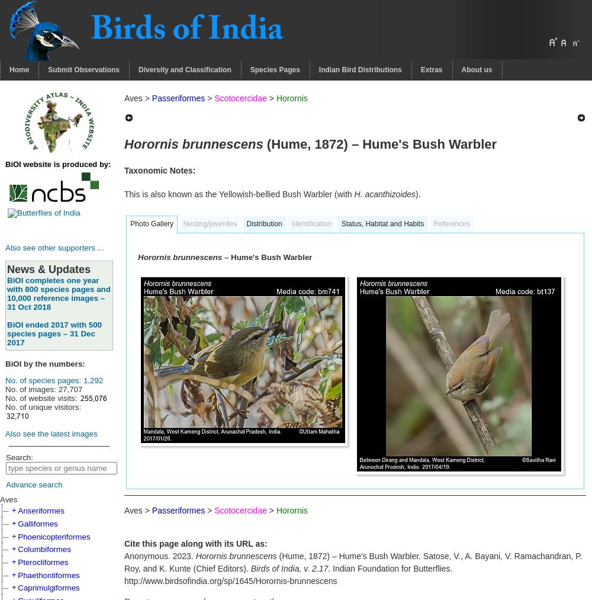  What do you see at coordinates (352, 562) in the screenshot?
I see `'(Hume, 1872)    – Hume's Bush Warbler. Satose, V., A. Bayani, V. Ramachandran, P. Roy, and K. Kunte (Chief Editors).'` at bounding box center [352, 562].